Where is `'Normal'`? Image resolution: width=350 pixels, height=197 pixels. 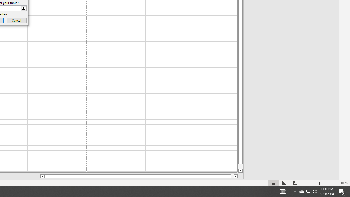 'Normal' is located at coordinates (273, 183).